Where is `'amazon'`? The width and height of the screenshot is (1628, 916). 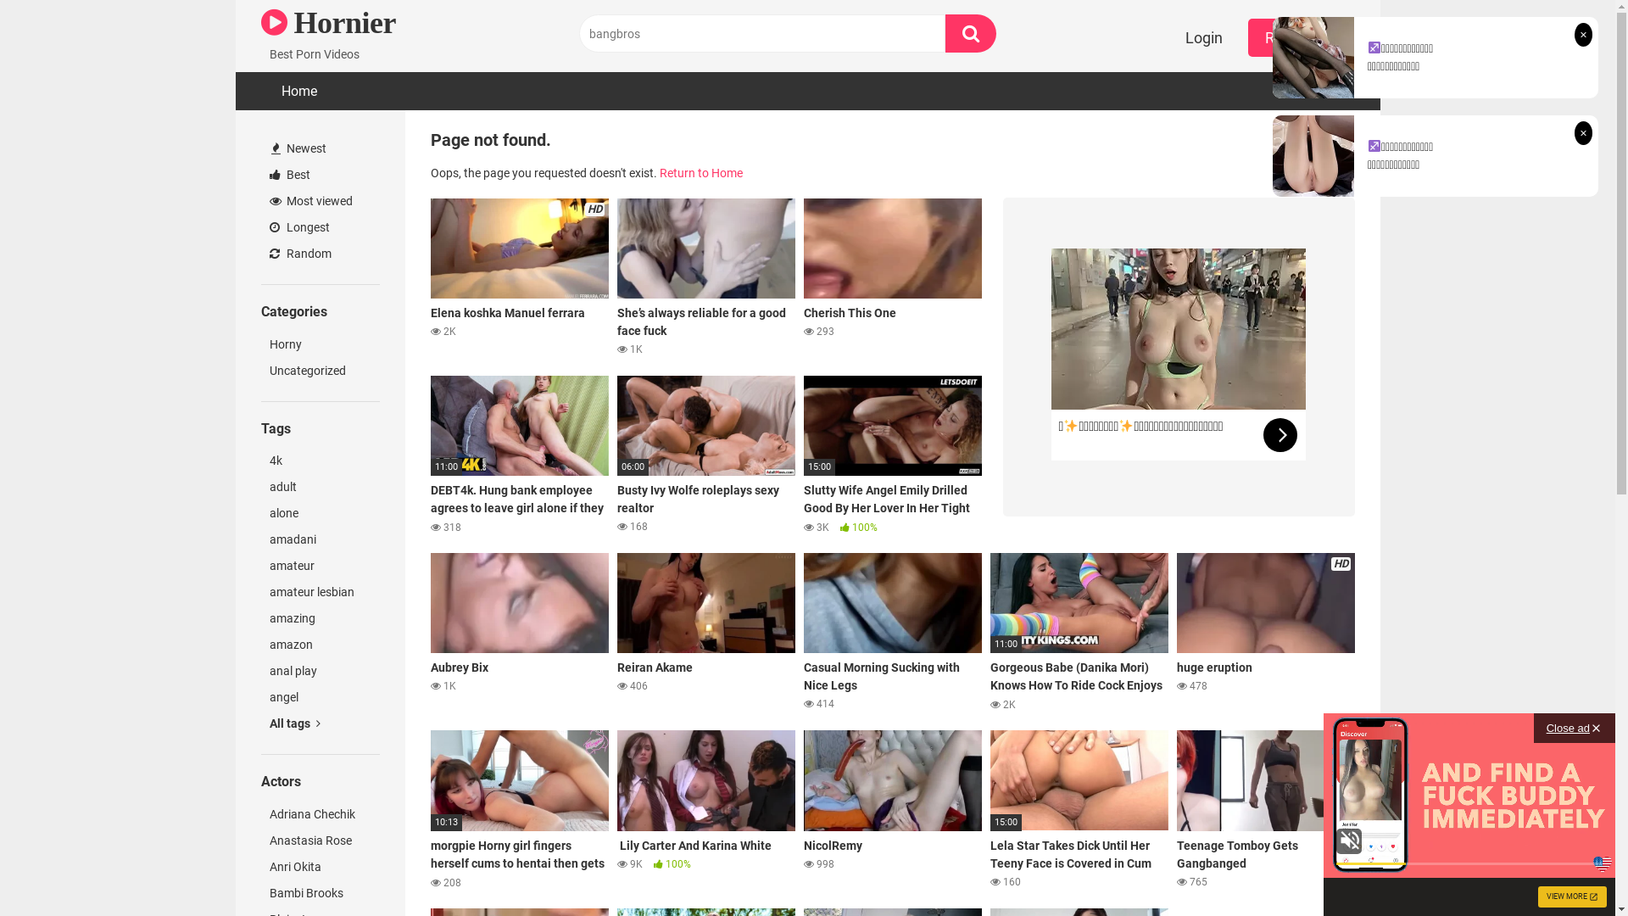 'amazon' is located at coordinates (321, 645).